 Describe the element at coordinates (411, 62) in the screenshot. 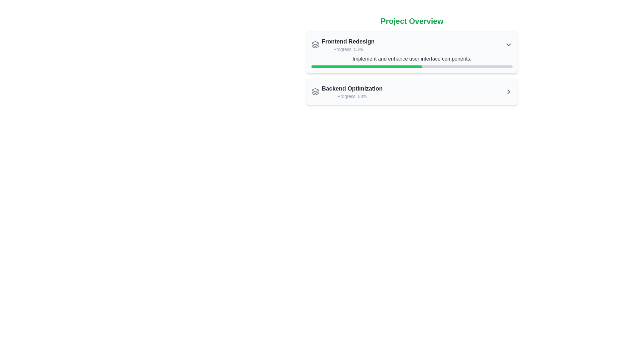

I see `the progress bar located within the card titled 'Frontend Redesign', positioned below the text 'Progress: 55%'` at that location.